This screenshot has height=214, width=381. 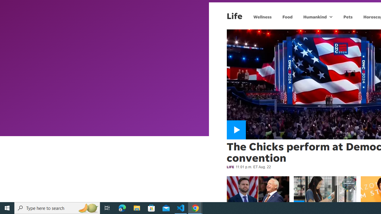 What do you see at coordinates (152, 207) in the screenshot?
I see `'Microsoft Store'` at bounding box center [152, 207].